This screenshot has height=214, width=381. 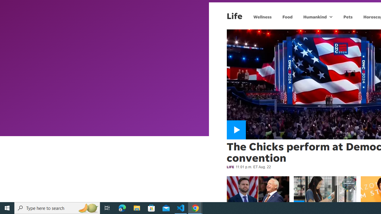 What do you see at coordinates (152, 207) in the screenshot?
I see `'Microsoft Store'` at bounding box center [152, 207].